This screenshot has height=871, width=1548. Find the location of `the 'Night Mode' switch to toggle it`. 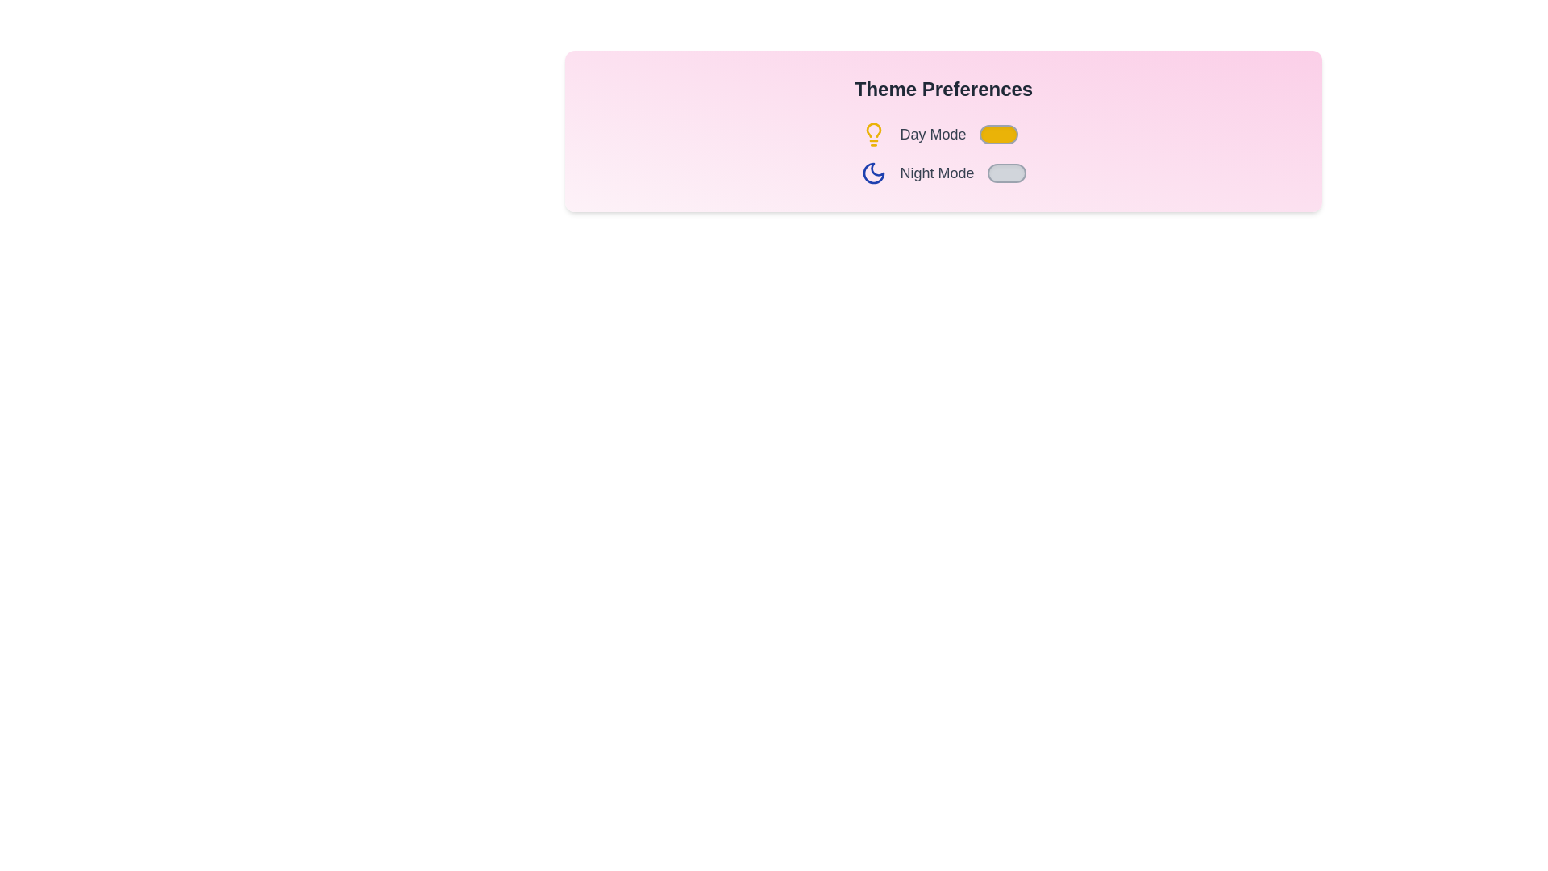

the 'Night Mode' switch to toggle it is located at coordinates (1005, 173).